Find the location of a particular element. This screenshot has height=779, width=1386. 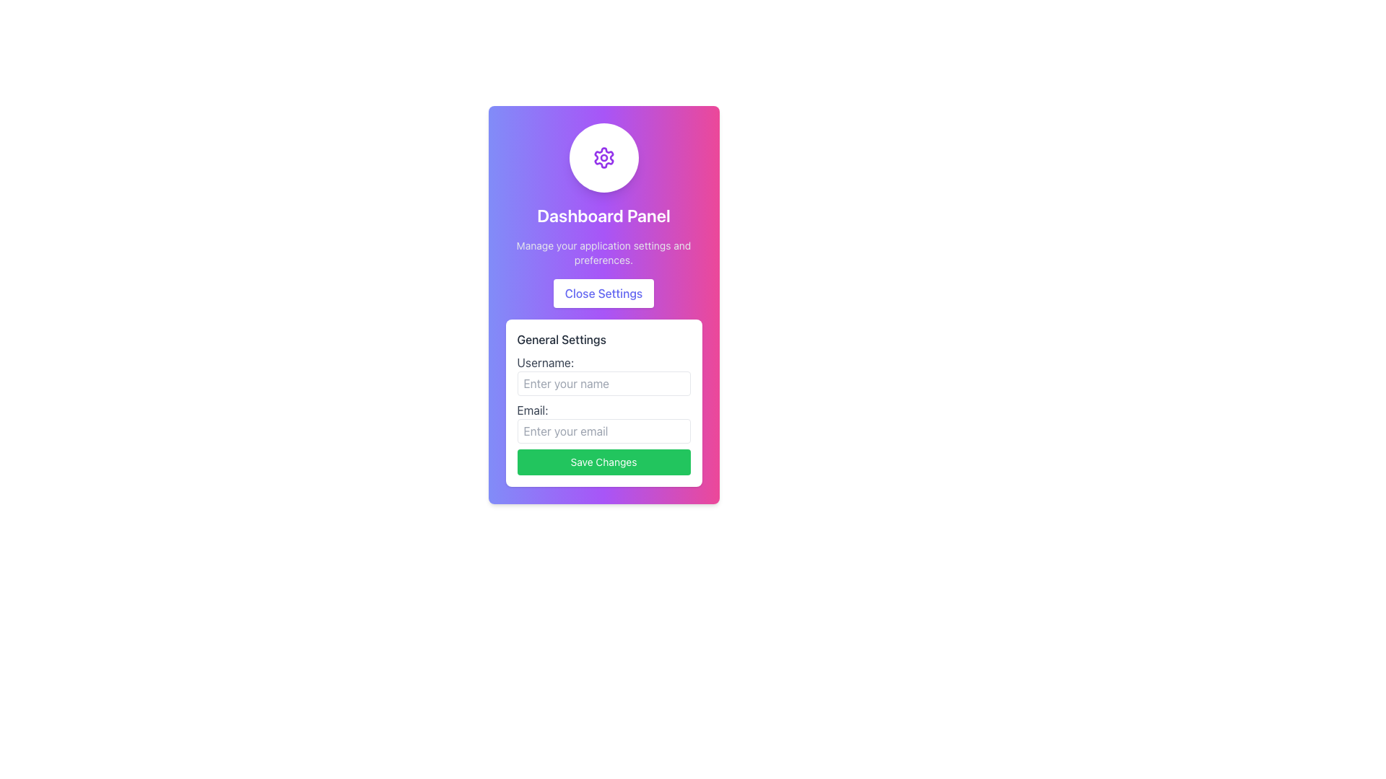

the close button located in the center of the settings panel, which is positioned beneath the text 'Manage your application settings and preferences.' is located at coordinates (603, 293).